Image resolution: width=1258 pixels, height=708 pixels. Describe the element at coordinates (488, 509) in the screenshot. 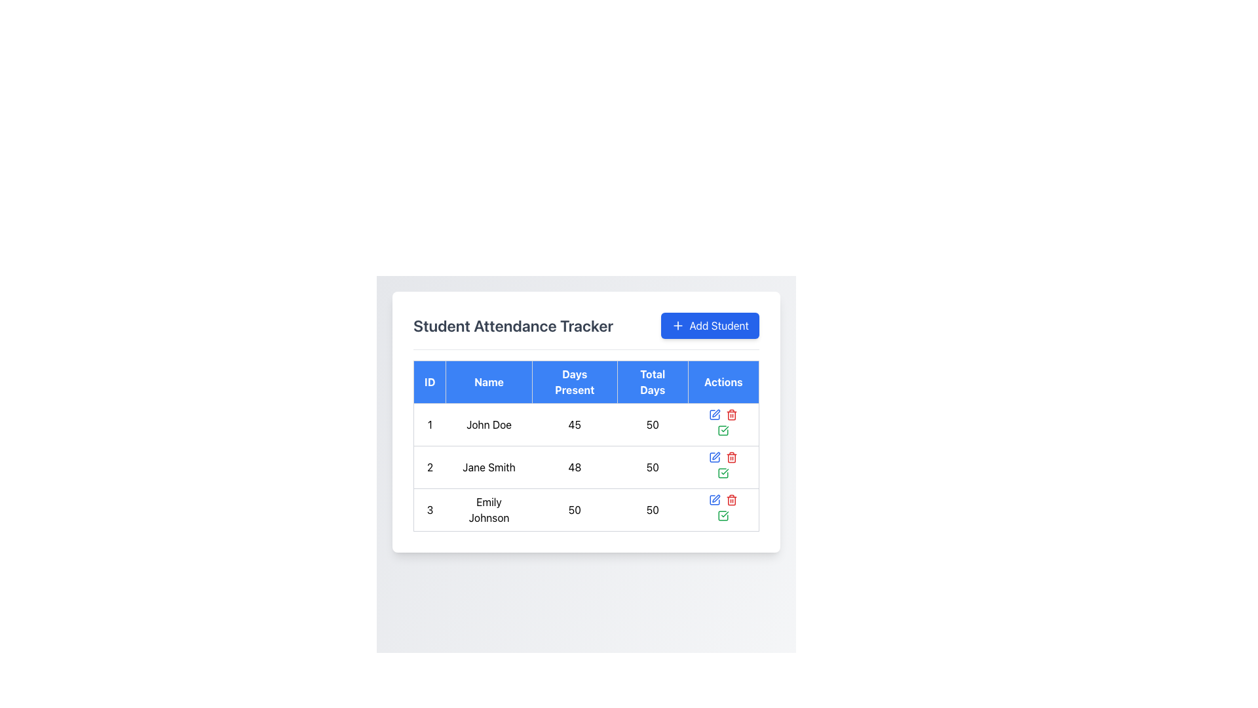

I see `the text label displaying 'Emily Johnson' in the third row of the table under the 'Name' column` at that location.